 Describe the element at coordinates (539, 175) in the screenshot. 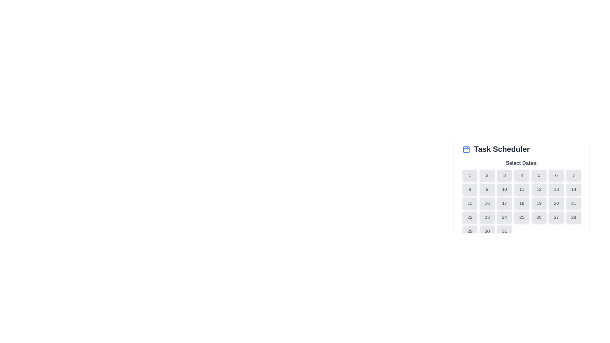

I see `the button representing the fifth day of the month in the calendar grid located beneath the header 'Select Dates' and the title 'Task Scheduler'` at that location.